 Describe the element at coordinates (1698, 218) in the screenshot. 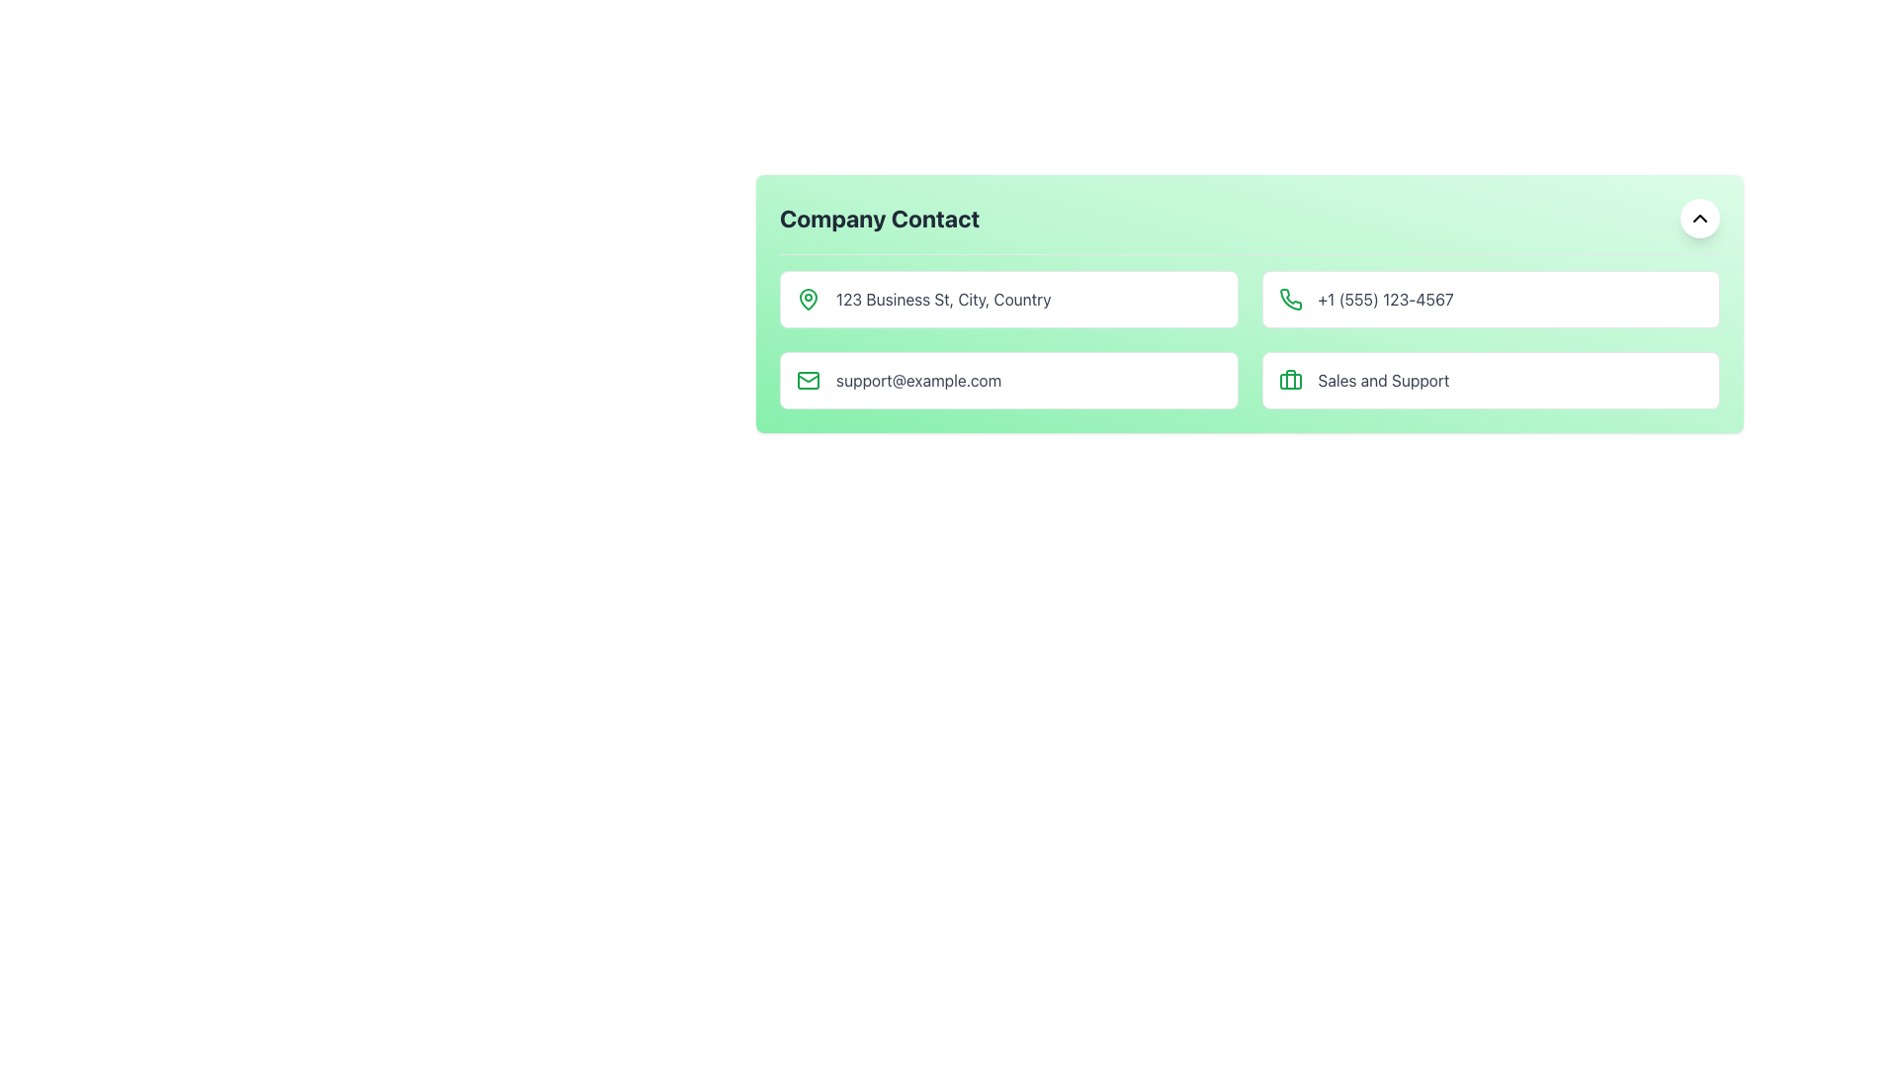

I see `the toggle button for the 'Company Contact' section` at that location.